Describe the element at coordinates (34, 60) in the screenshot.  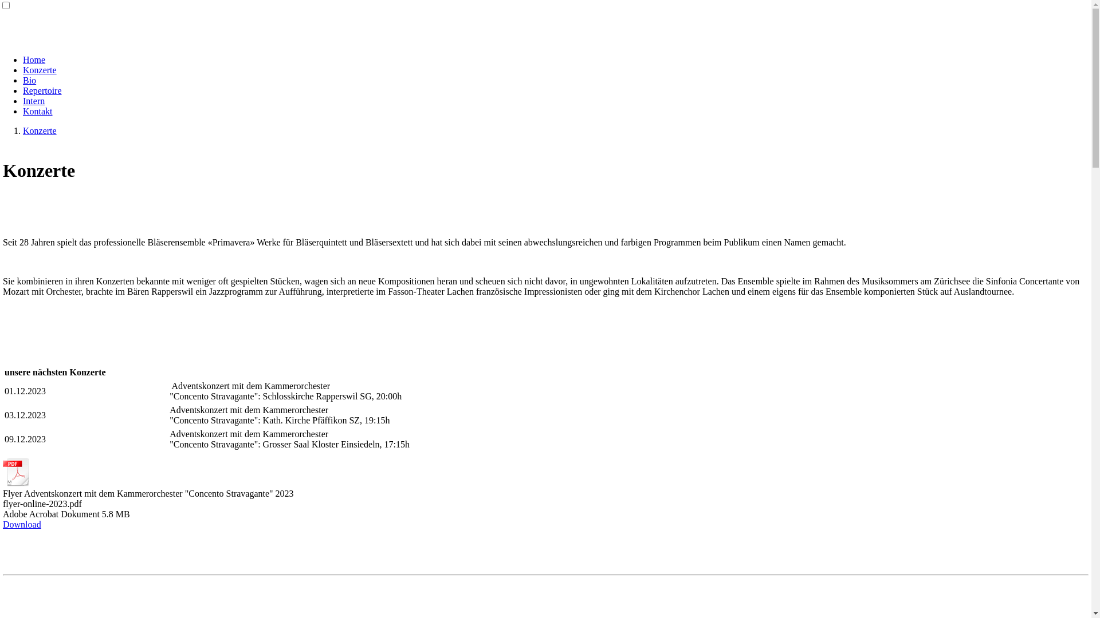
I see `'Home'` at that location.